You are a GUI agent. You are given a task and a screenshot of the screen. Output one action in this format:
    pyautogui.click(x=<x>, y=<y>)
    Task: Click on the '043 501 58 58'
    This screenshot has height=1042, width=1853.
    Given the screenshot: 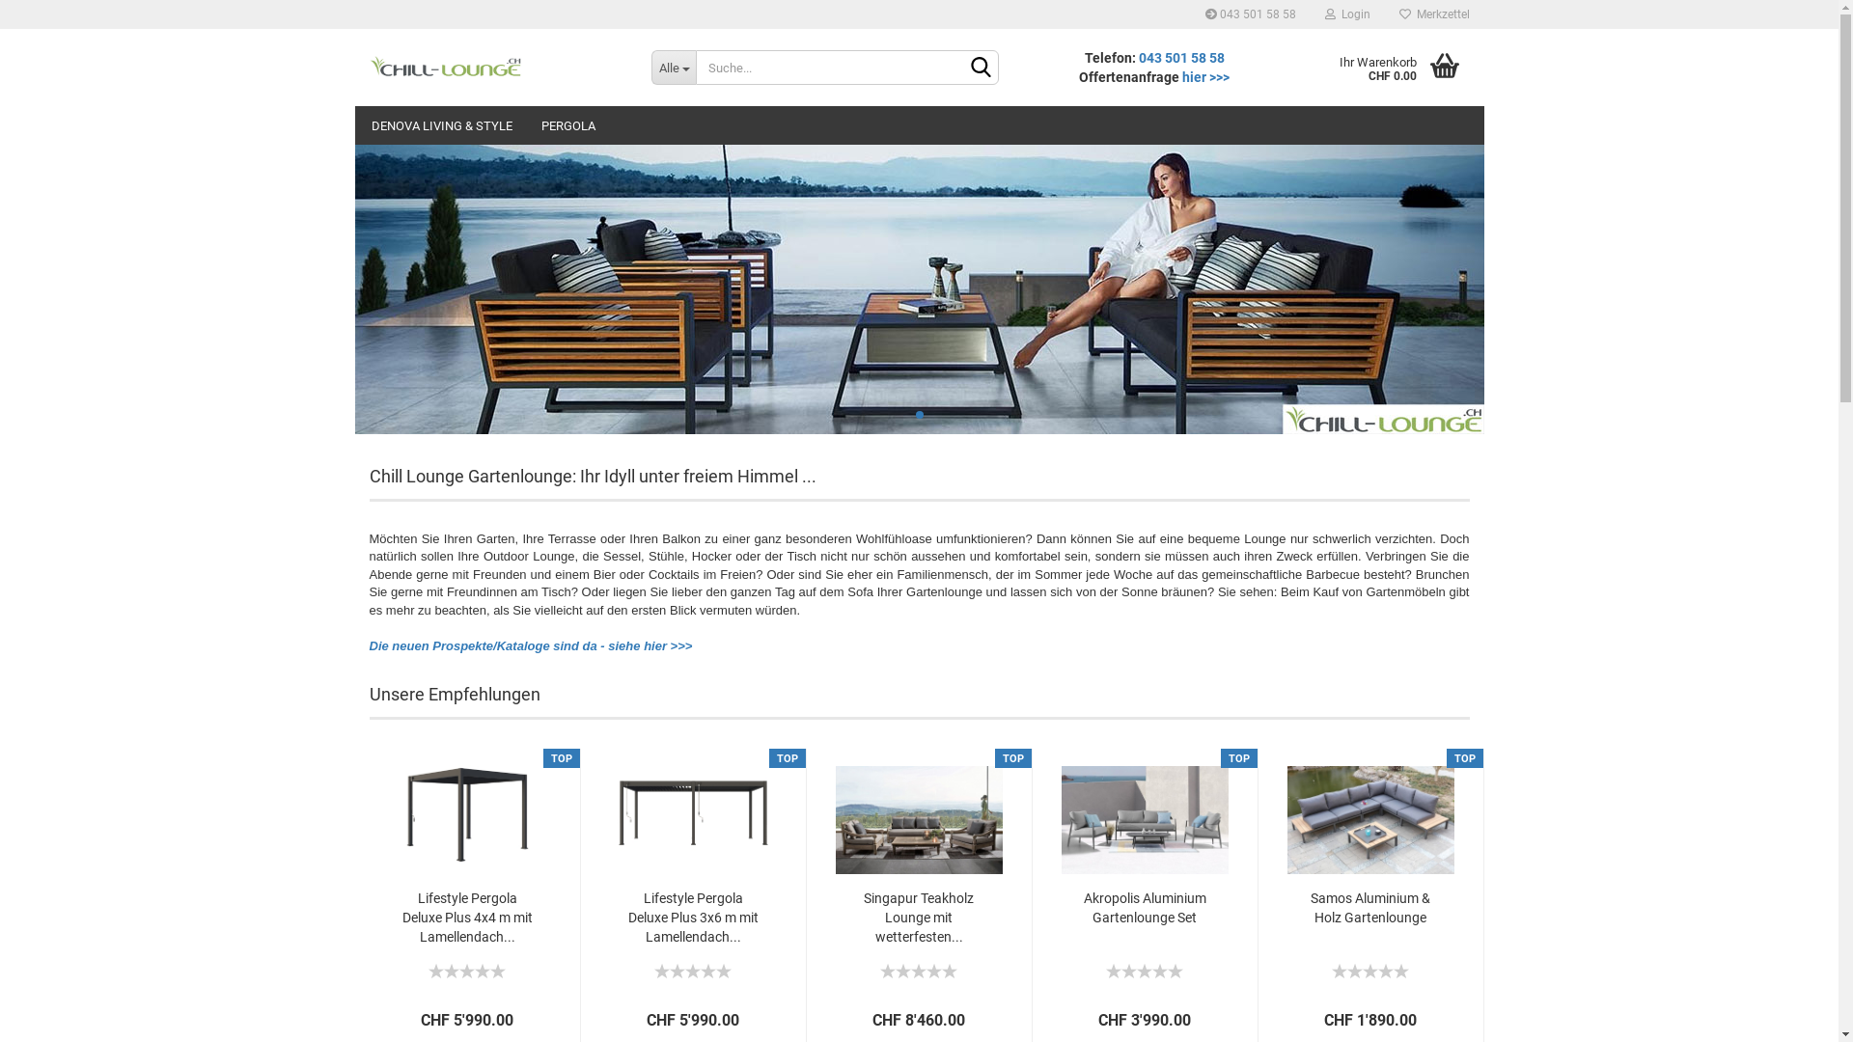 What is the action you would take?
    pyautogui.click(x=1139, y=57)
    